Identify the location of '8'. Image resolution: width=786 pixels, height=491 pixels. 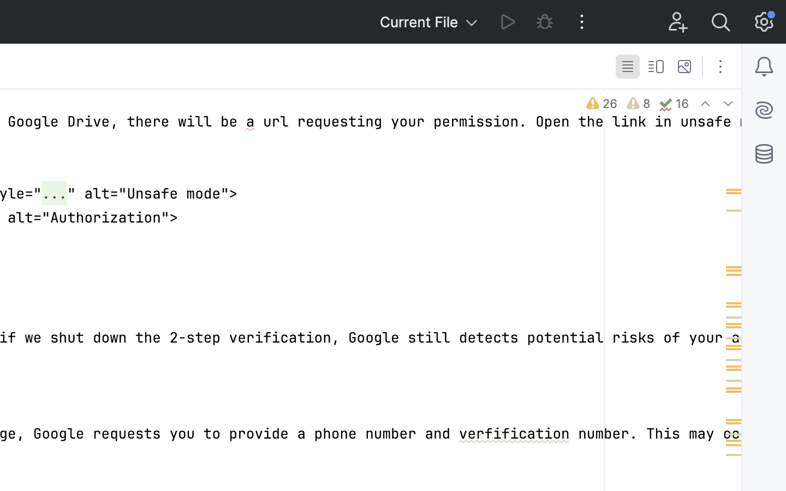
(637, 103).